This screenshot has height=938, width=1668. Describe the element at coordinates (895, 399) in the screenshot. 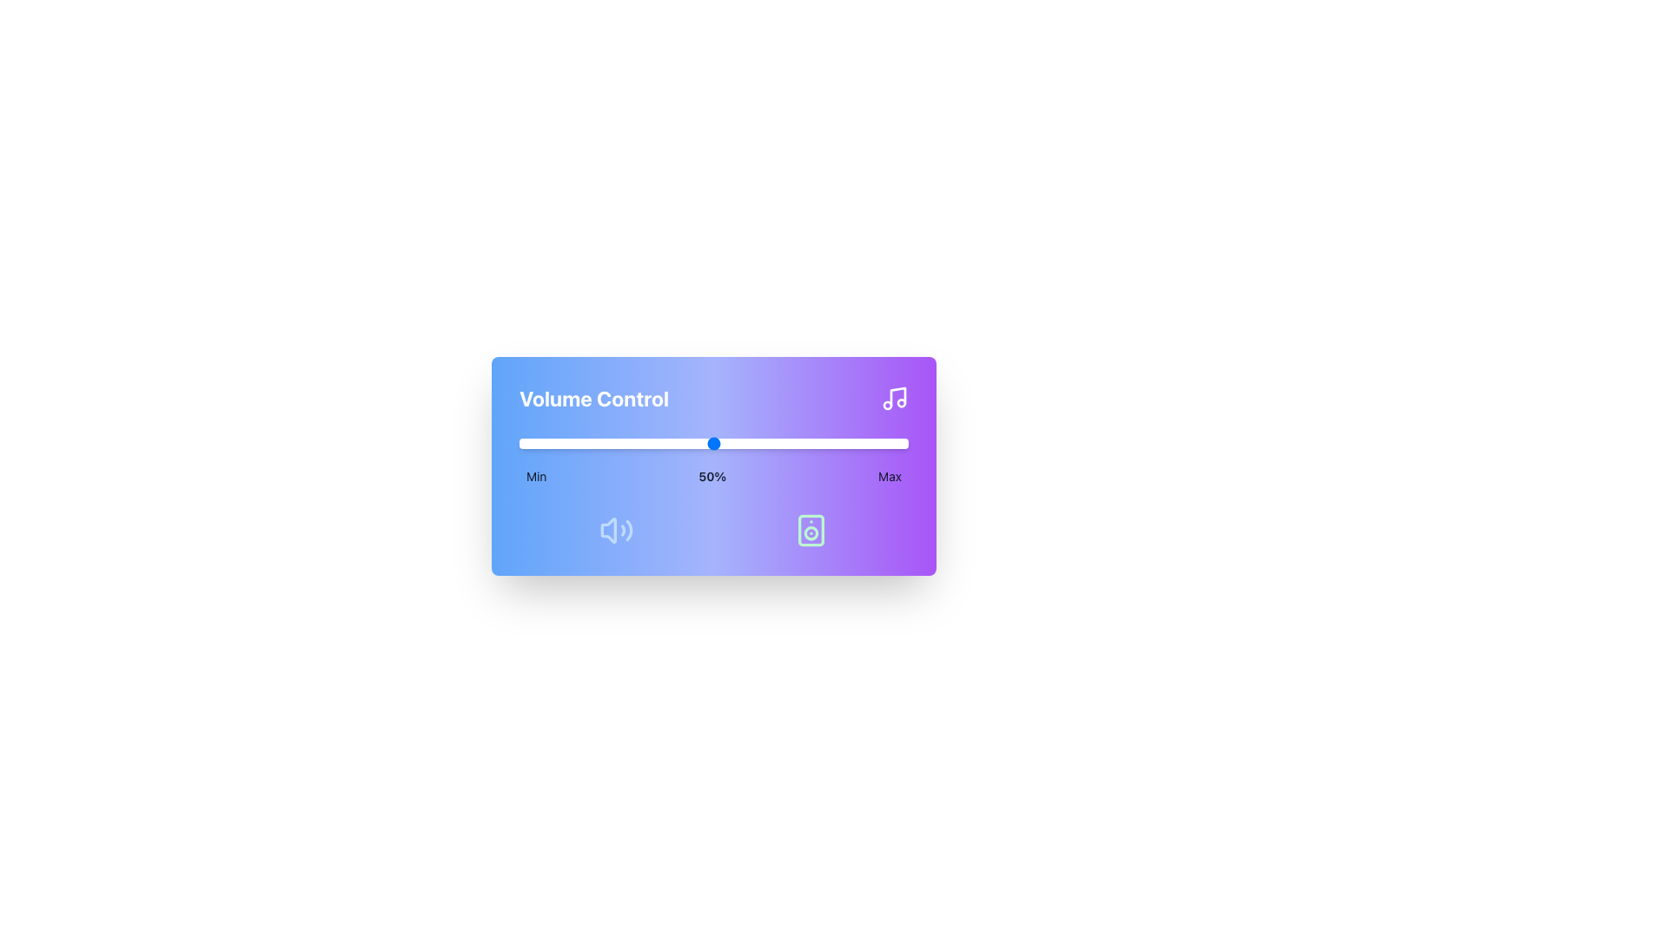

I see `the musical note icon located in the upper-right corner of the 'Volume Control' section, which is styled with a white color on a purple rectangular button` at that location.